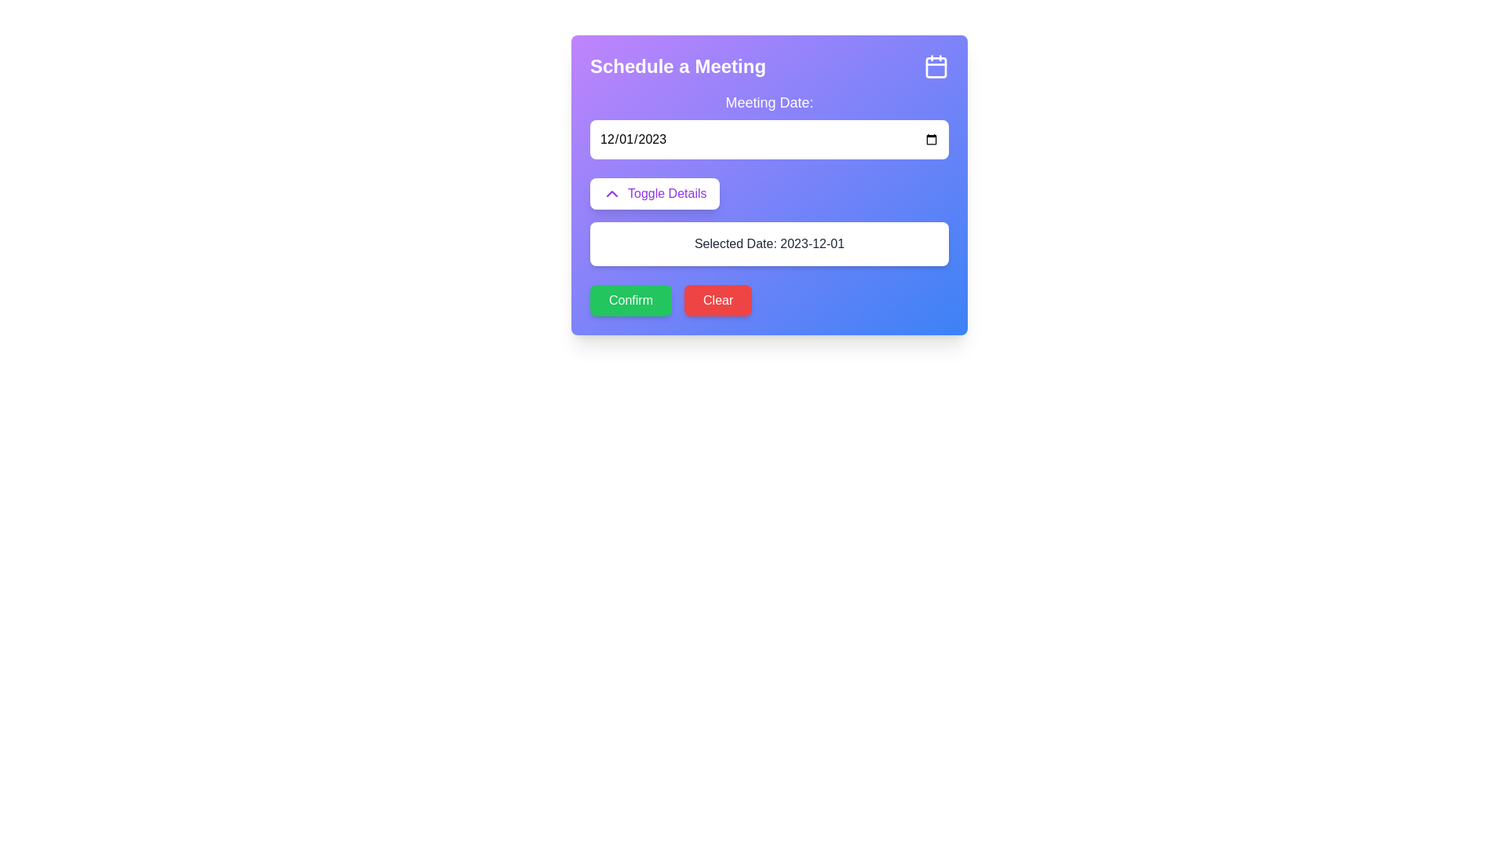 The height and width of the screenshot is (848, 1507). Describe the element at coordinates (936, 66) in the screenshot. I see `the Decorative Background Component of the calendar icon located at the top-right corner of the 'Schedule a Meeting' modal dialogue box` at that location.